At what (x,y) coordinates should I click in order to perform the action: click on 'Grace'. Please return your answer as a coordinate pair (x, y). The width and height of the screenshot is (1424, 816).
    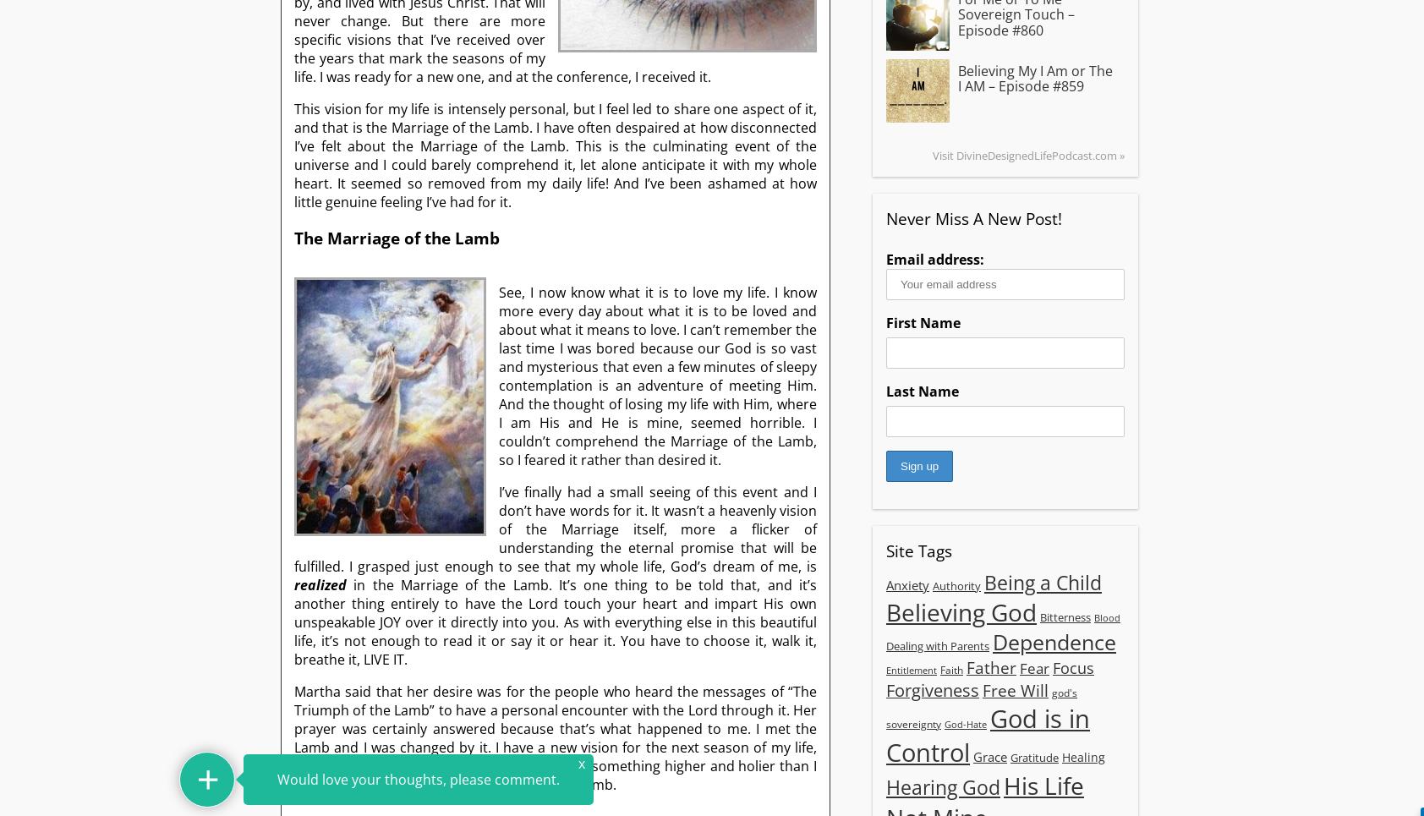
    Looking at the image, I should click on (990, 754).